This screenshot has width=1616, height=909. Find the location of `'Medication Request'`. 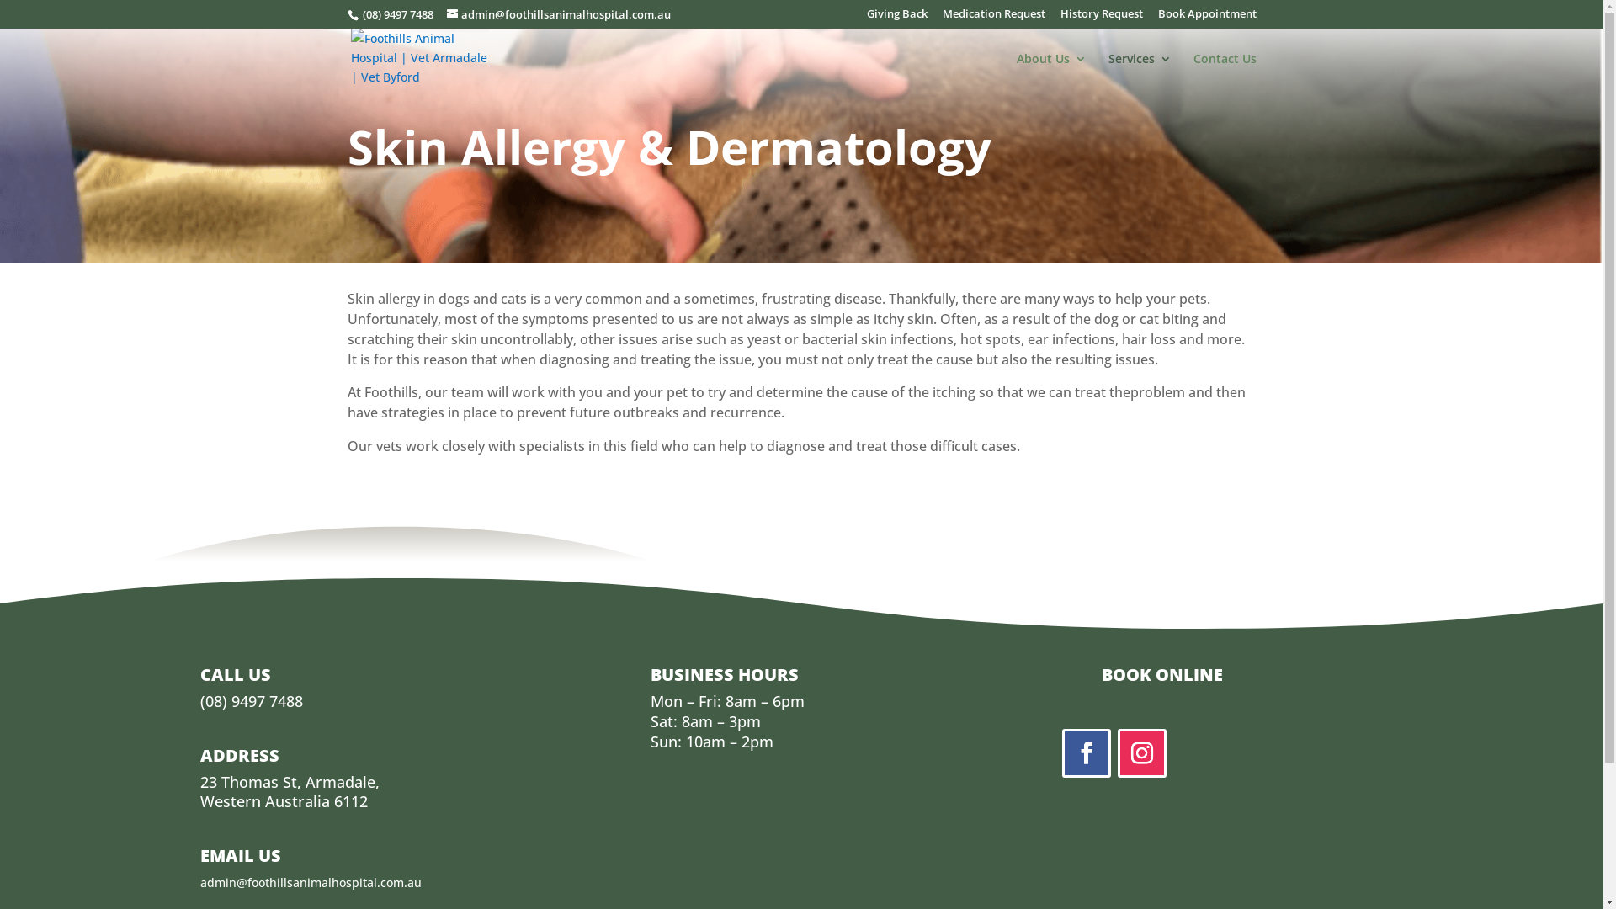

'Medication Request' is located at coordinates (993, 18).